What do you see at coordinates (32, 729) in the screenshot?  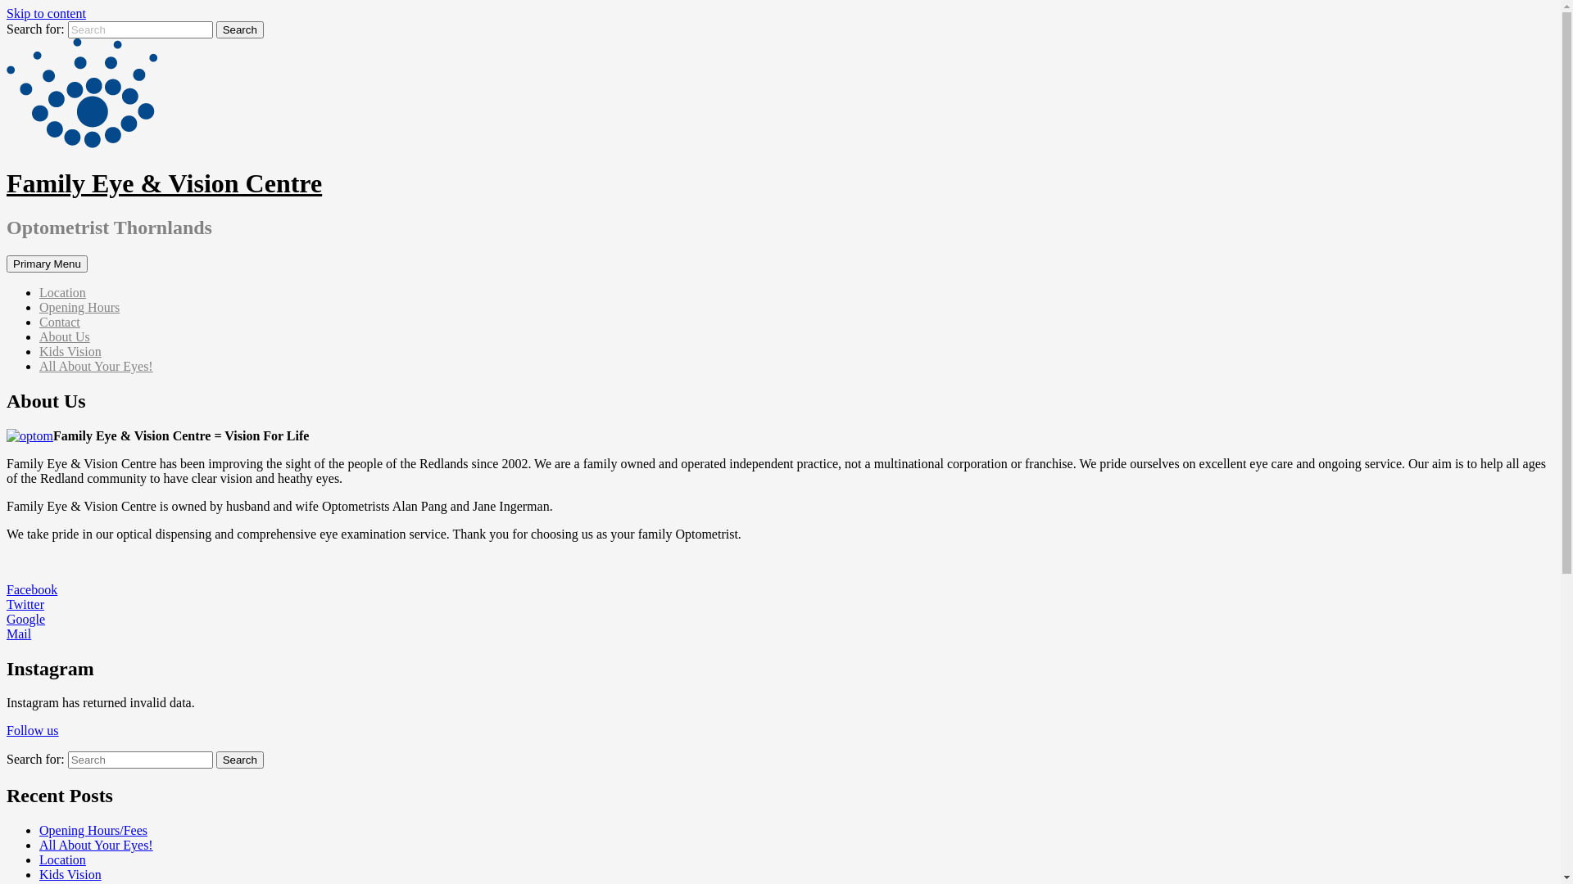 I see `'Follow us'` at bounding box center [32, 729].